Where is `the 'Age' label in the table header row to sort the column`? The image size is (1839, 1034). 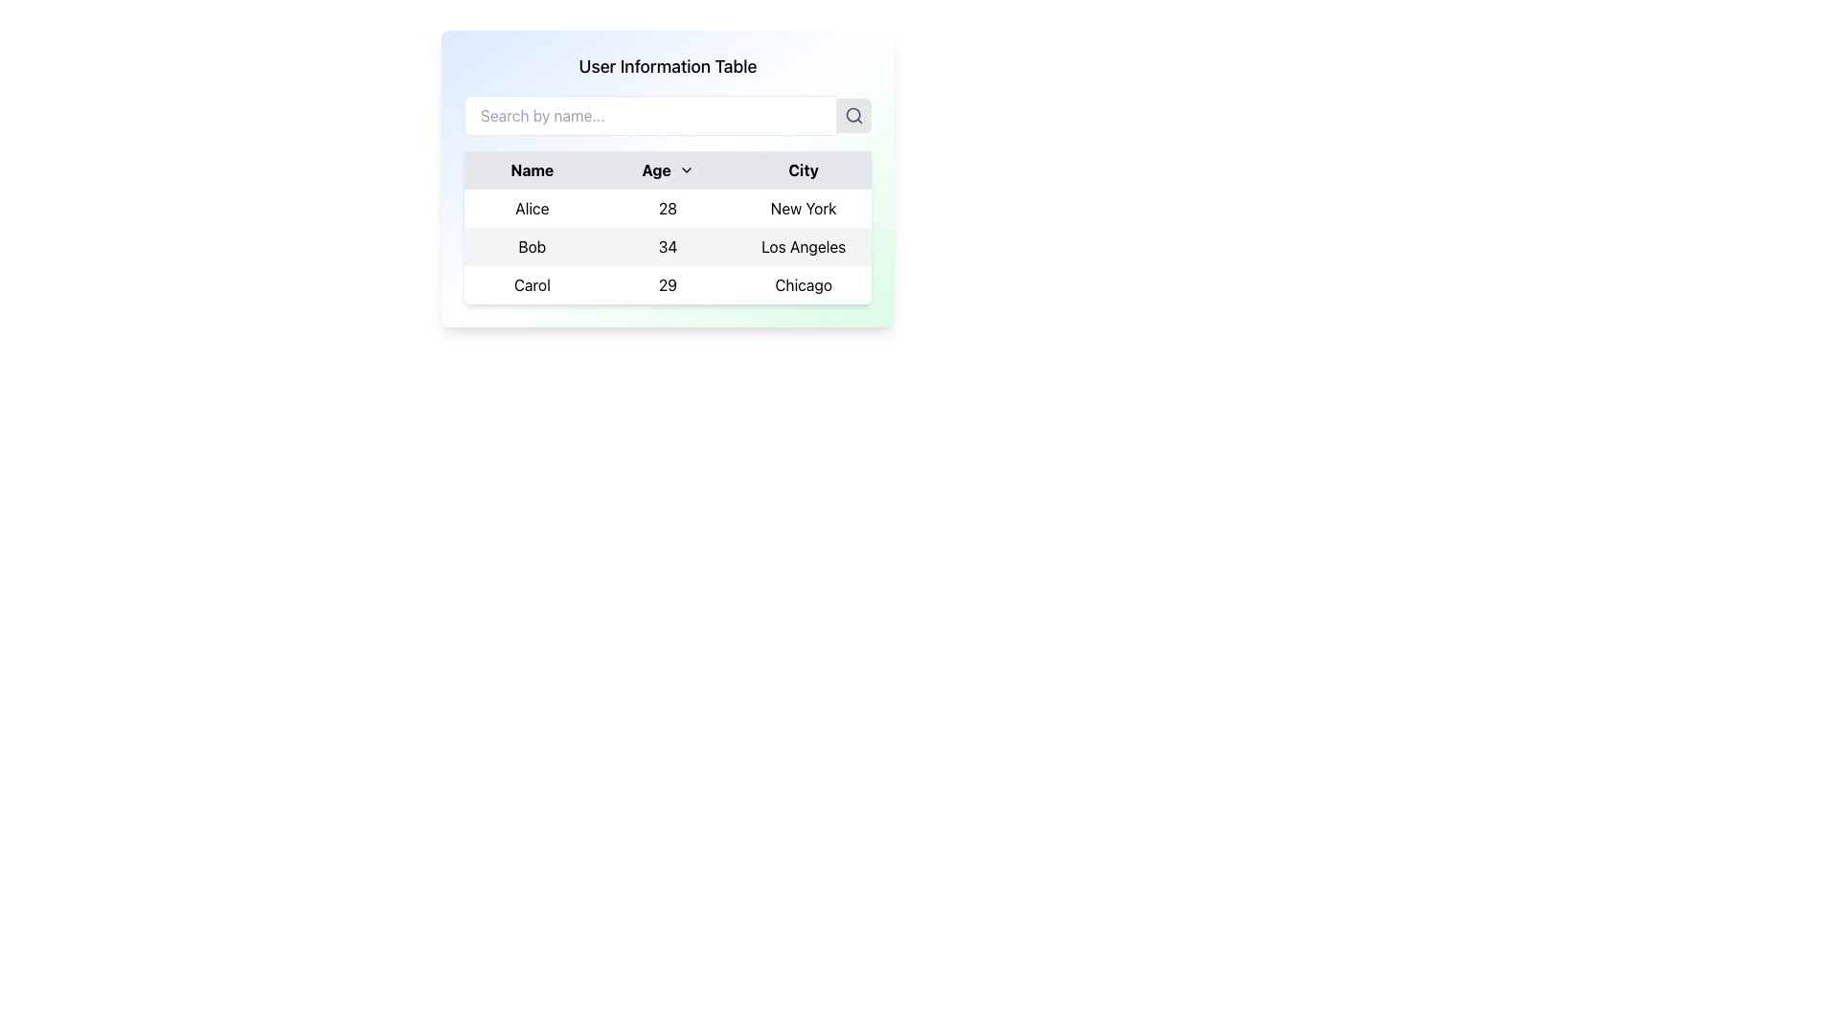 the 'Age' label in the table header row to sort the column is located at coordinates (668, 169).